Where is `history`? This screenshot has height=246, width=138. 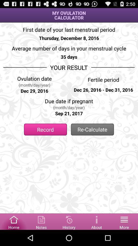 history is located at coordinates (69, 221).